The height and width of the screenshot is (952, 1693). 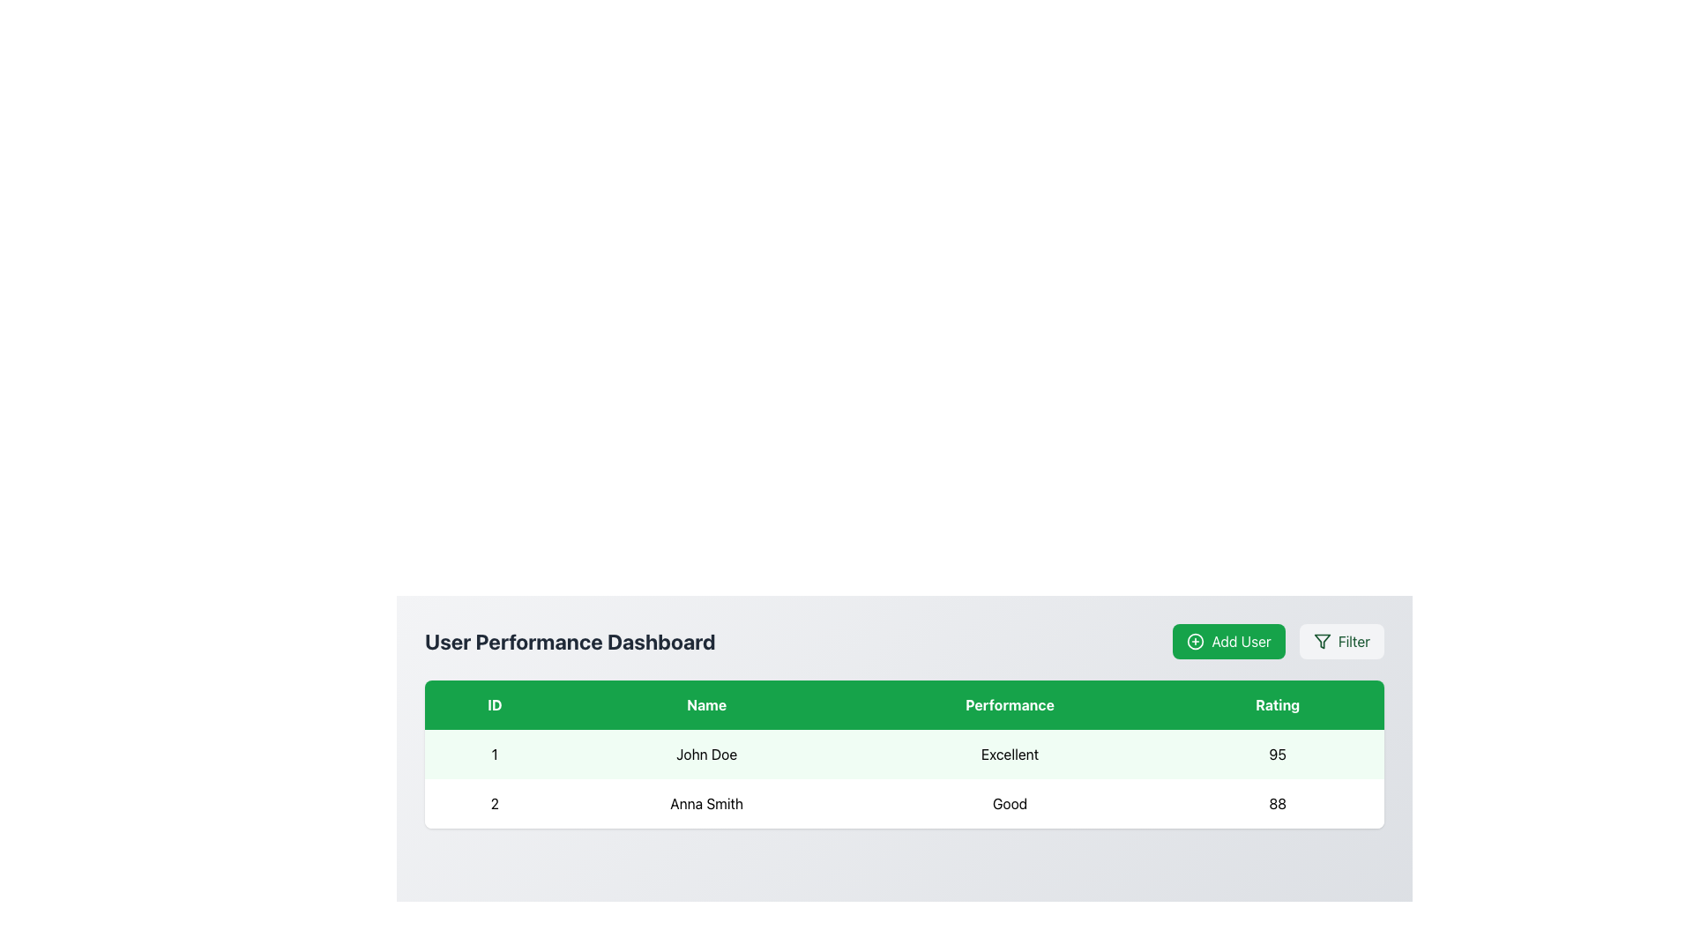 What do you see at coordinates (1278, 754) in the screenshot?
I see `the Table Cell displaying the value '95' in the fourth column under the 'Rating' header of the user performance table` at bounding box center [1278, 754].